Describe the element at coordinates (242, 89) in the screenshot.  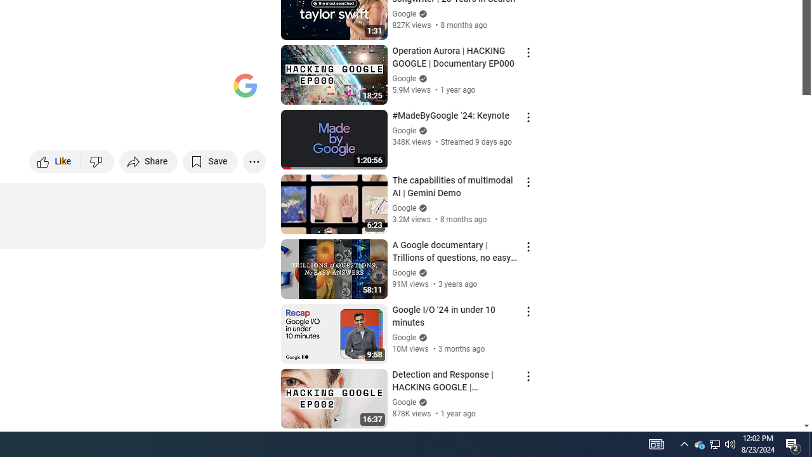
I see `'Full screen (f)'` at that location.